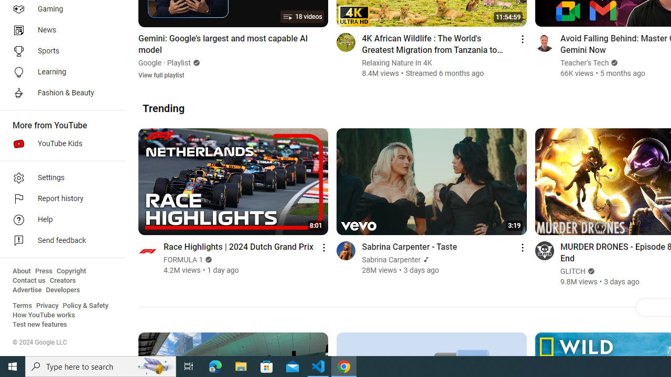 Image resolution: width=671 pixels, height=377 pixels. What do you see at coordinates (179, 63) in the screenshot?
I see `'Playlist'` at bounding box center [179, 63].